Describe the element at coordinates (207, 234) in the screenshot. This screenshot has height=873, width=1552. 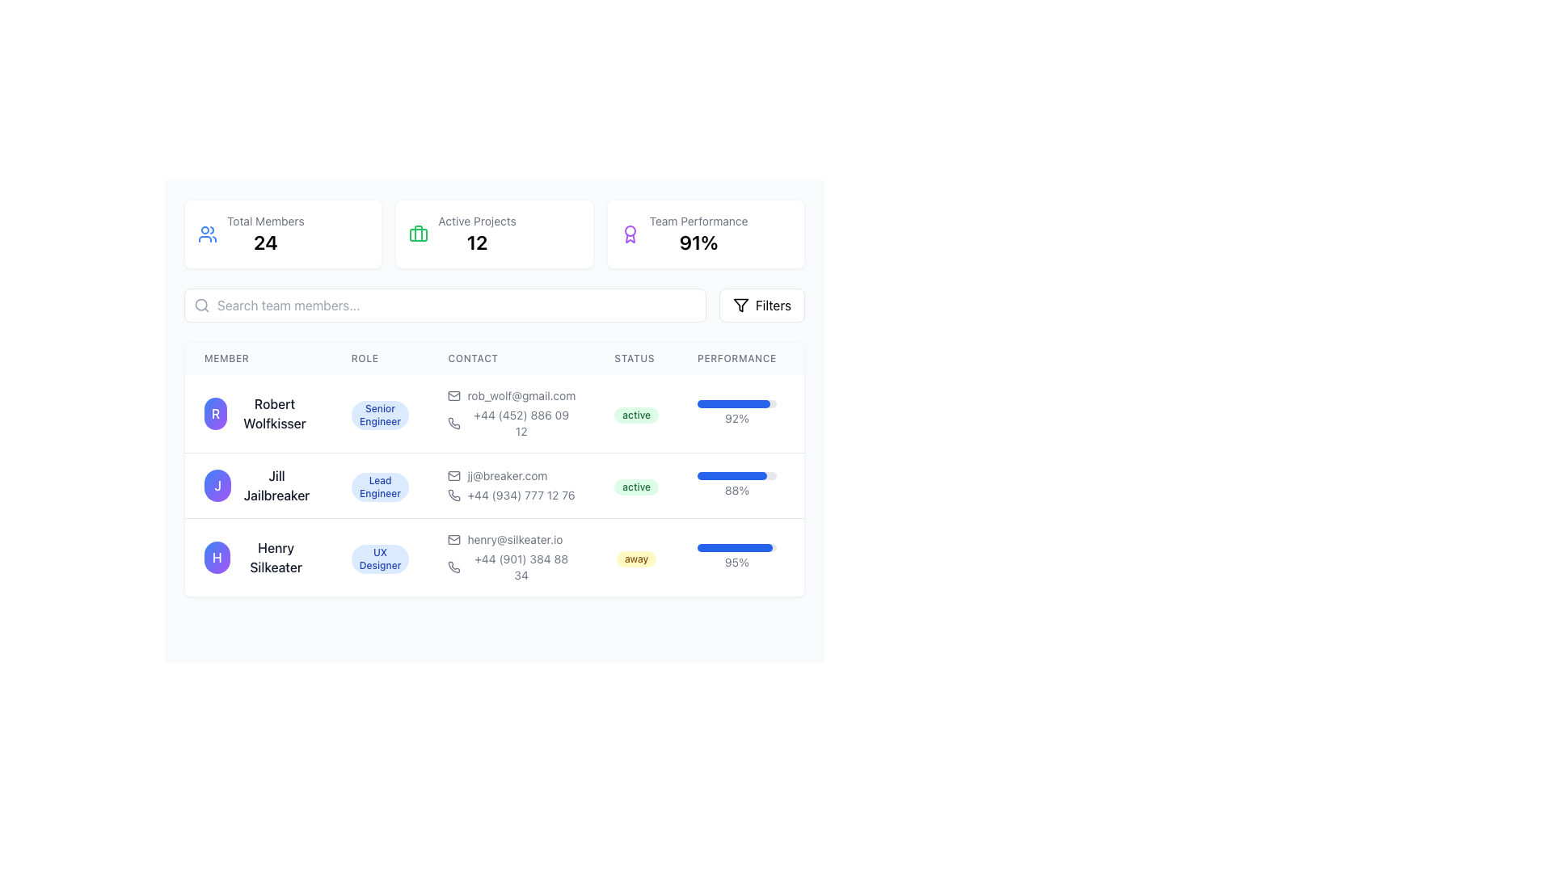
I see `the icon that visually enhances the 'Total Members' display, which is positioned to the left of the text label 'Total Members'` at that location.